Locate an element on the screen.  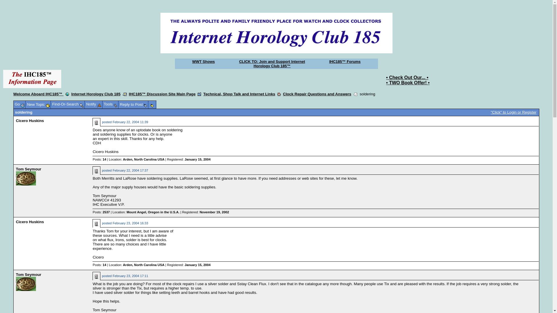
'Picture of Tom Seymour' is located at coordinates (26, 283).